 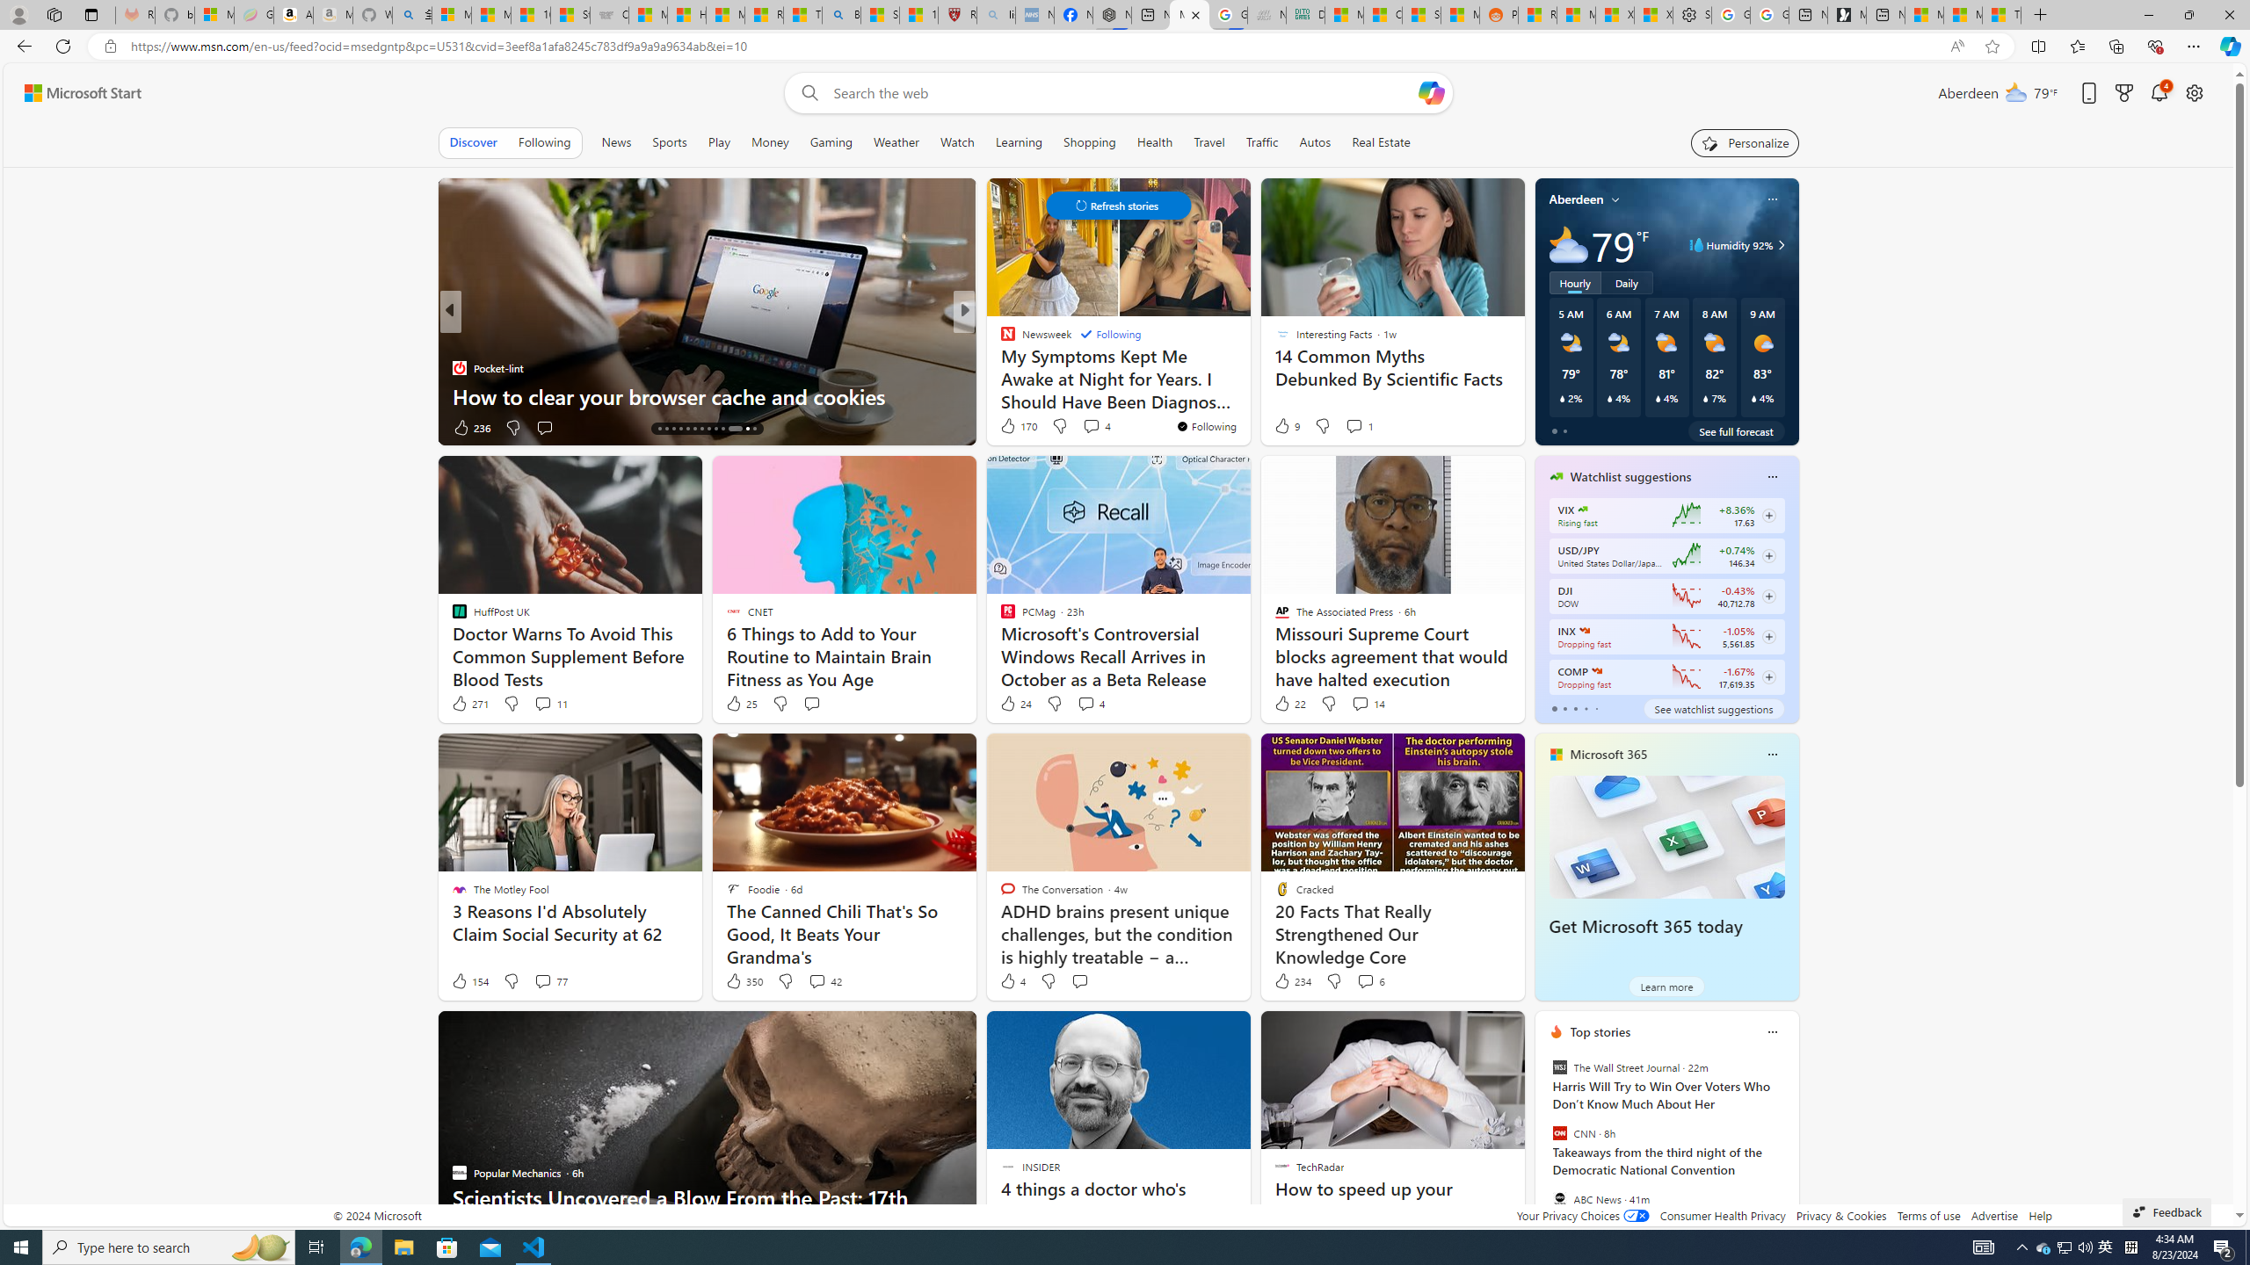 What do you see at coordinates (956, 141) in the screenshot?
I see `'Watch'` at bounding box center [956, 141].